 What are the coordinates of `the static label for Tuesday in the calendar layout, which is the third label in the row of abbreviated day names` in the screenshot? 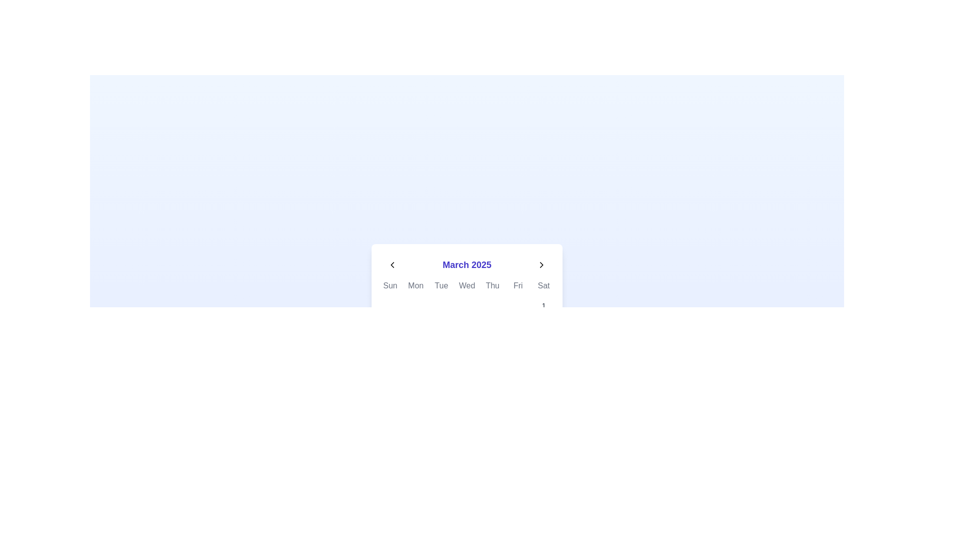 It's located at (441, 285).